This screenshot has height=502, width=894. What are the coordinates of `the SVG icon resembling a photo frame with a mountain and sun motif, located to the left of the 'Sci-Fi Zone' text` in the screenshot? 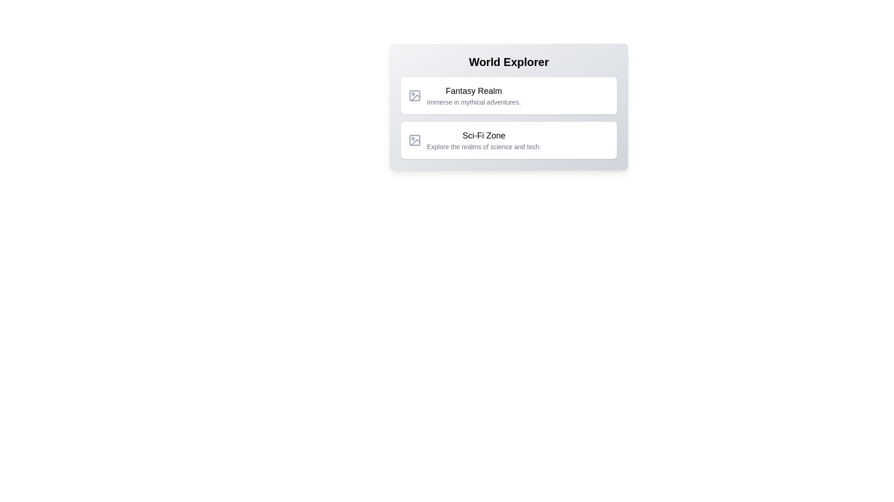 It's located at (414, 140).